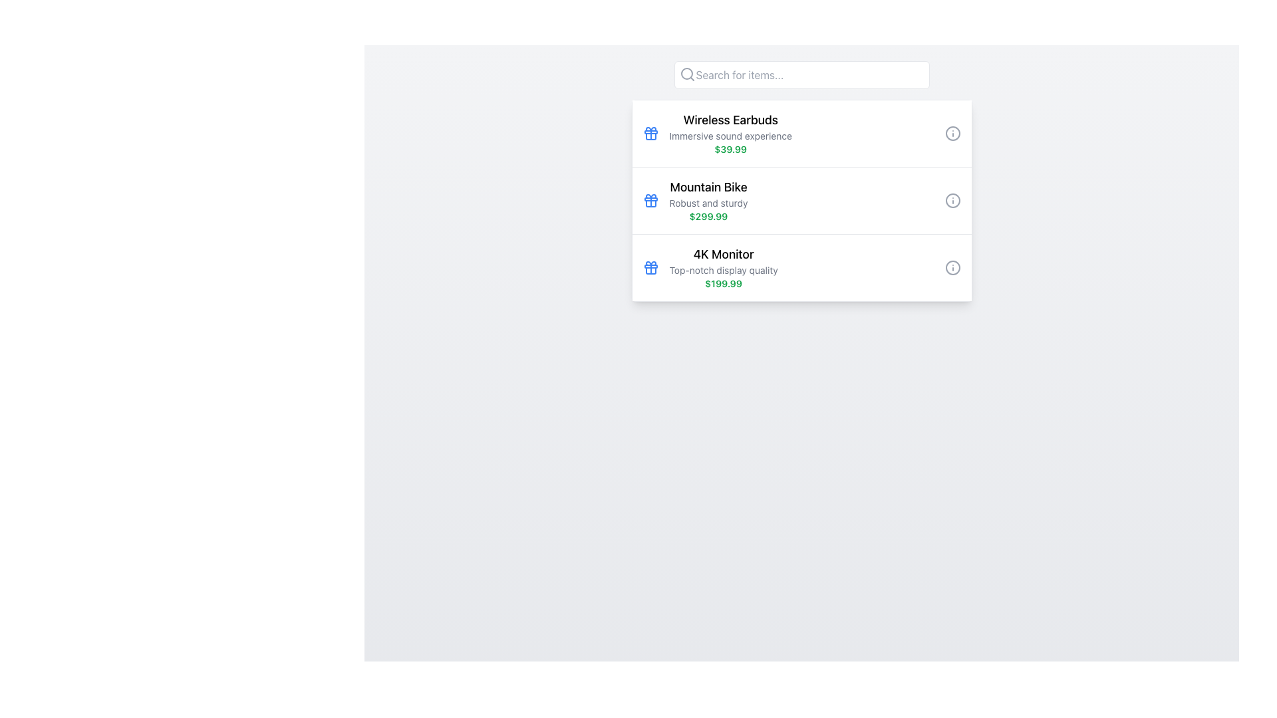 This screenshot has width=1277, height=718. I want to click on the magnifying-glass-shaped icon with a thin circular outline located inside the search bar, adjacent to the input field placeholder text 'Search for items...', so click(687, 74).